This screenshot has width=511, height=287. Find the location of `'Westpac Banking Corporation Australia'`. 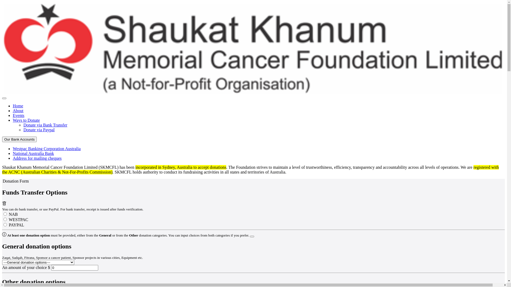

'Westpac Banking Corporation Australia' is located at coordinates (47, 149).